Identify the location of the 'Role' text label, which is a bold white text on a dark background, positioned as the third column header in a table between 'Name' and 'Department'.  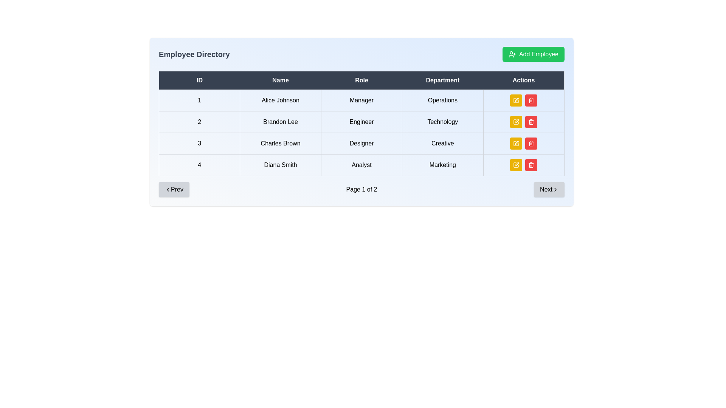
(361, 80).